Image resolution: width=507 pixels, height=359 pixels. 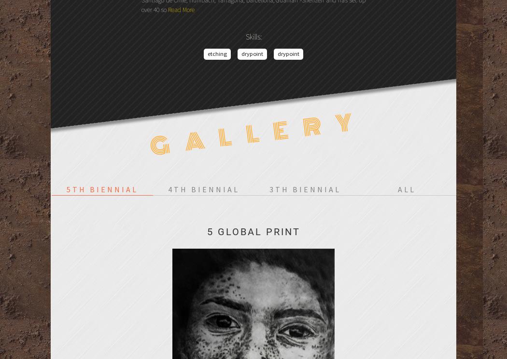 What do you see at coordinates (258, 133) in the screenshot?
I see `'Gallery'` at bounding box center [258, 133].